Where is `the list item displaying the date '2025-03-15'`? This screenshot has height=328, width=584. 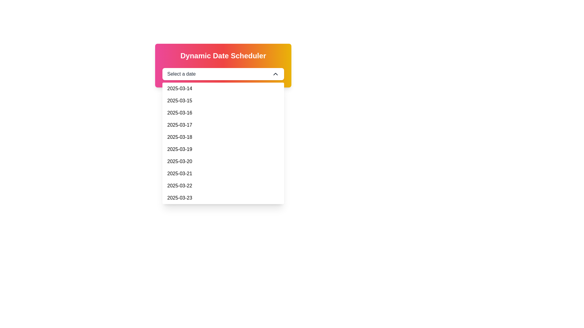 the list item displaying the date '2025-03-15' is located at coordinates (223, 100).